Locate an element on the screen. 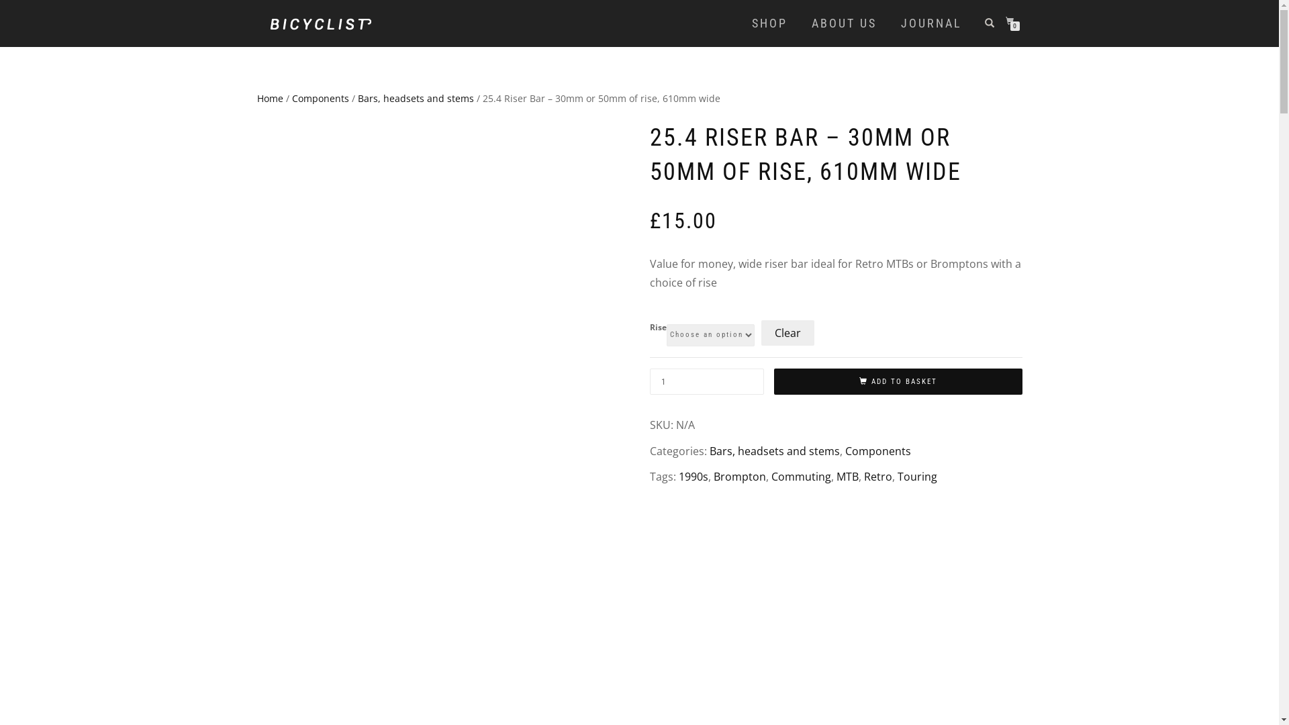 The image size is (1289, 725). 'ADD TO BASKET' is located at coordinates (898, 382).